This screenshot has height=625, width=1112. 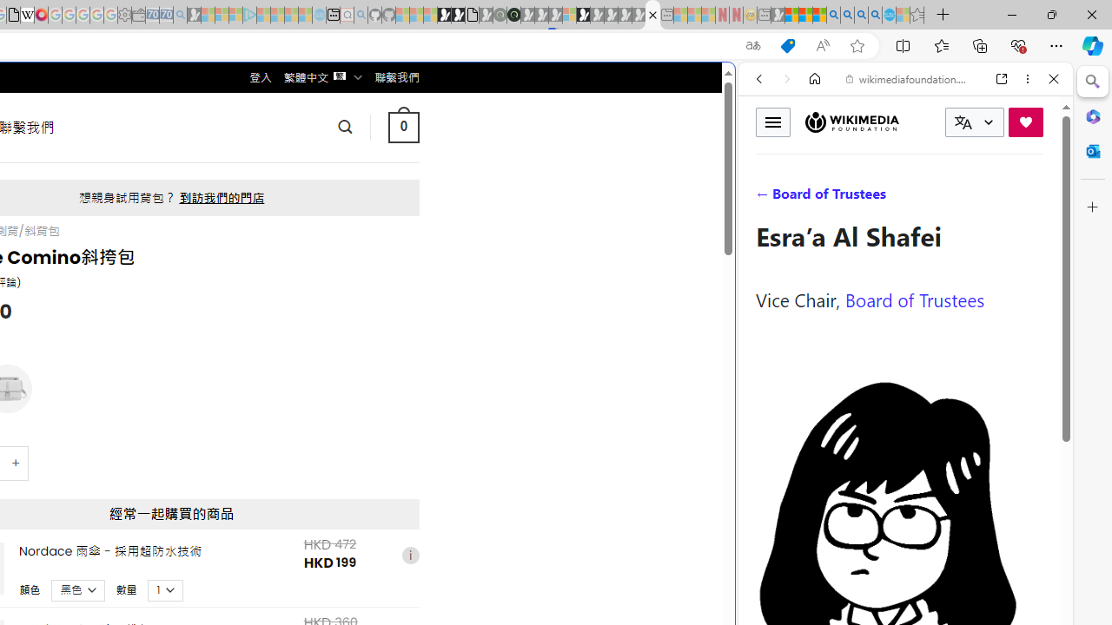 I want to click on '  0  ', so click(x=402, y=126).